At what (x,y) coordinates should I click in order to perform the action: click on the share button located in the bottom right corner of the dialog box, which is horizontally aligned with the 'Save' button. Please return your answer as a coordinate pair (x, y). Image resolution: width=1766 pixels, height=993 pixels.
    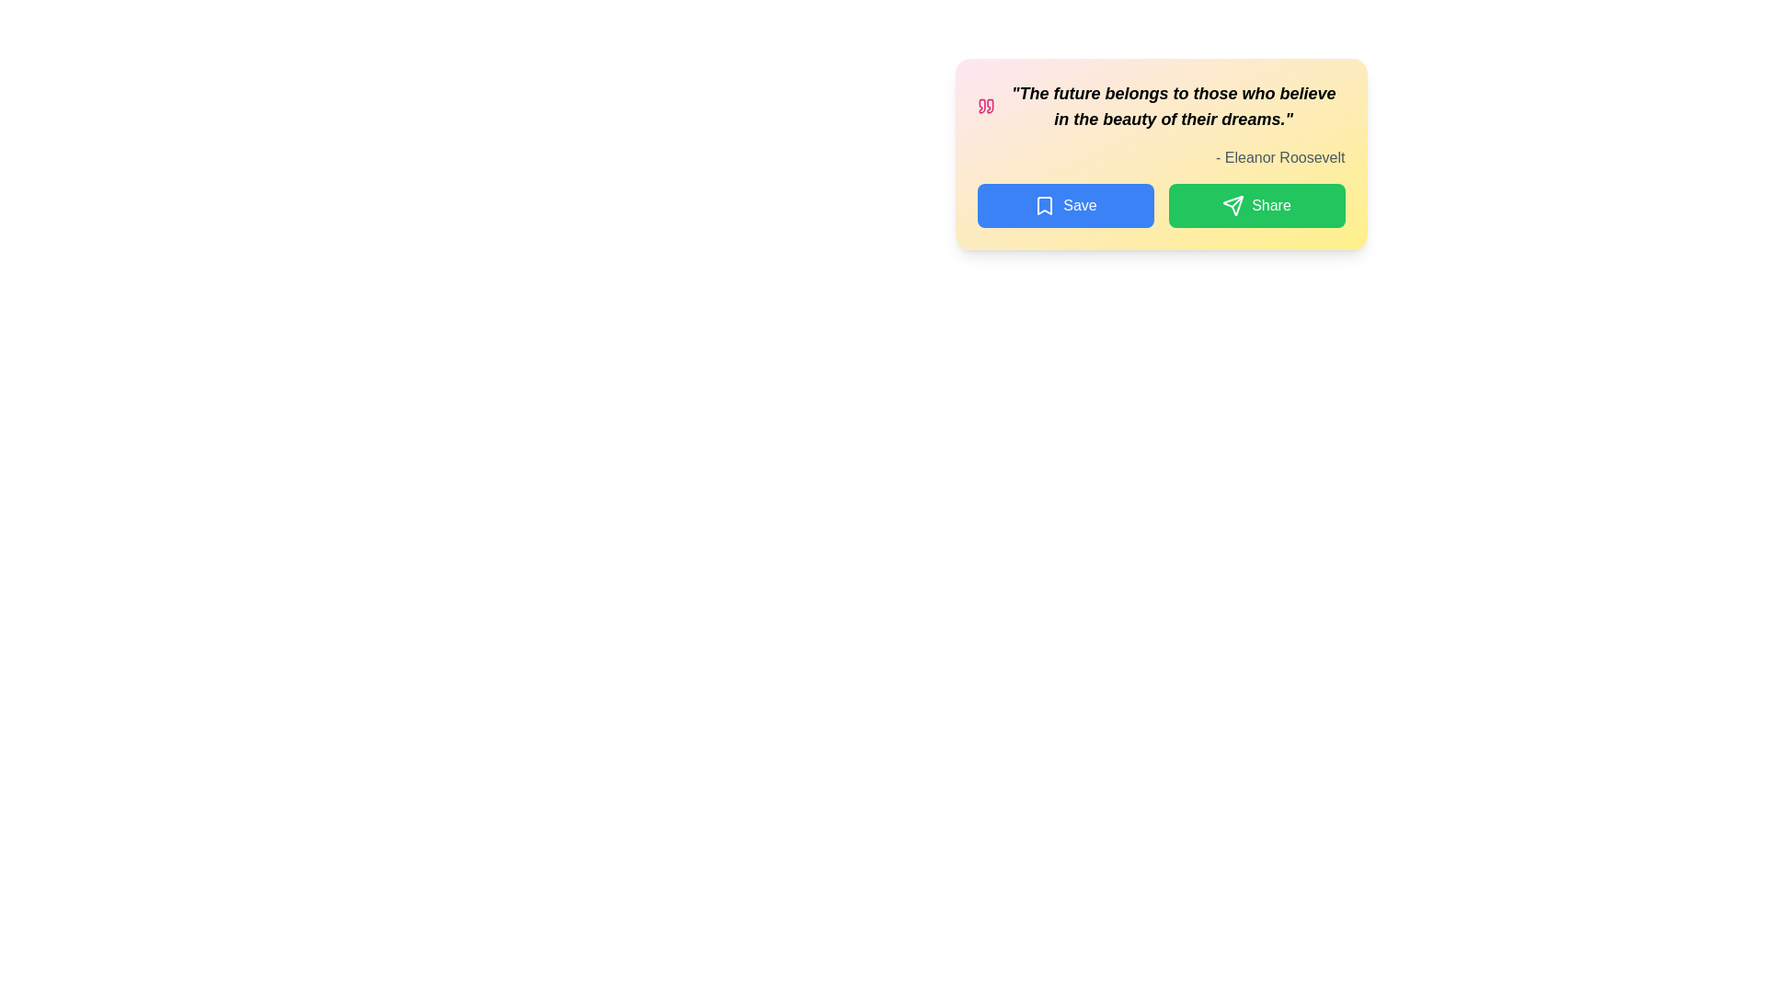
    Looking at the image, I should click on (1256, 205).